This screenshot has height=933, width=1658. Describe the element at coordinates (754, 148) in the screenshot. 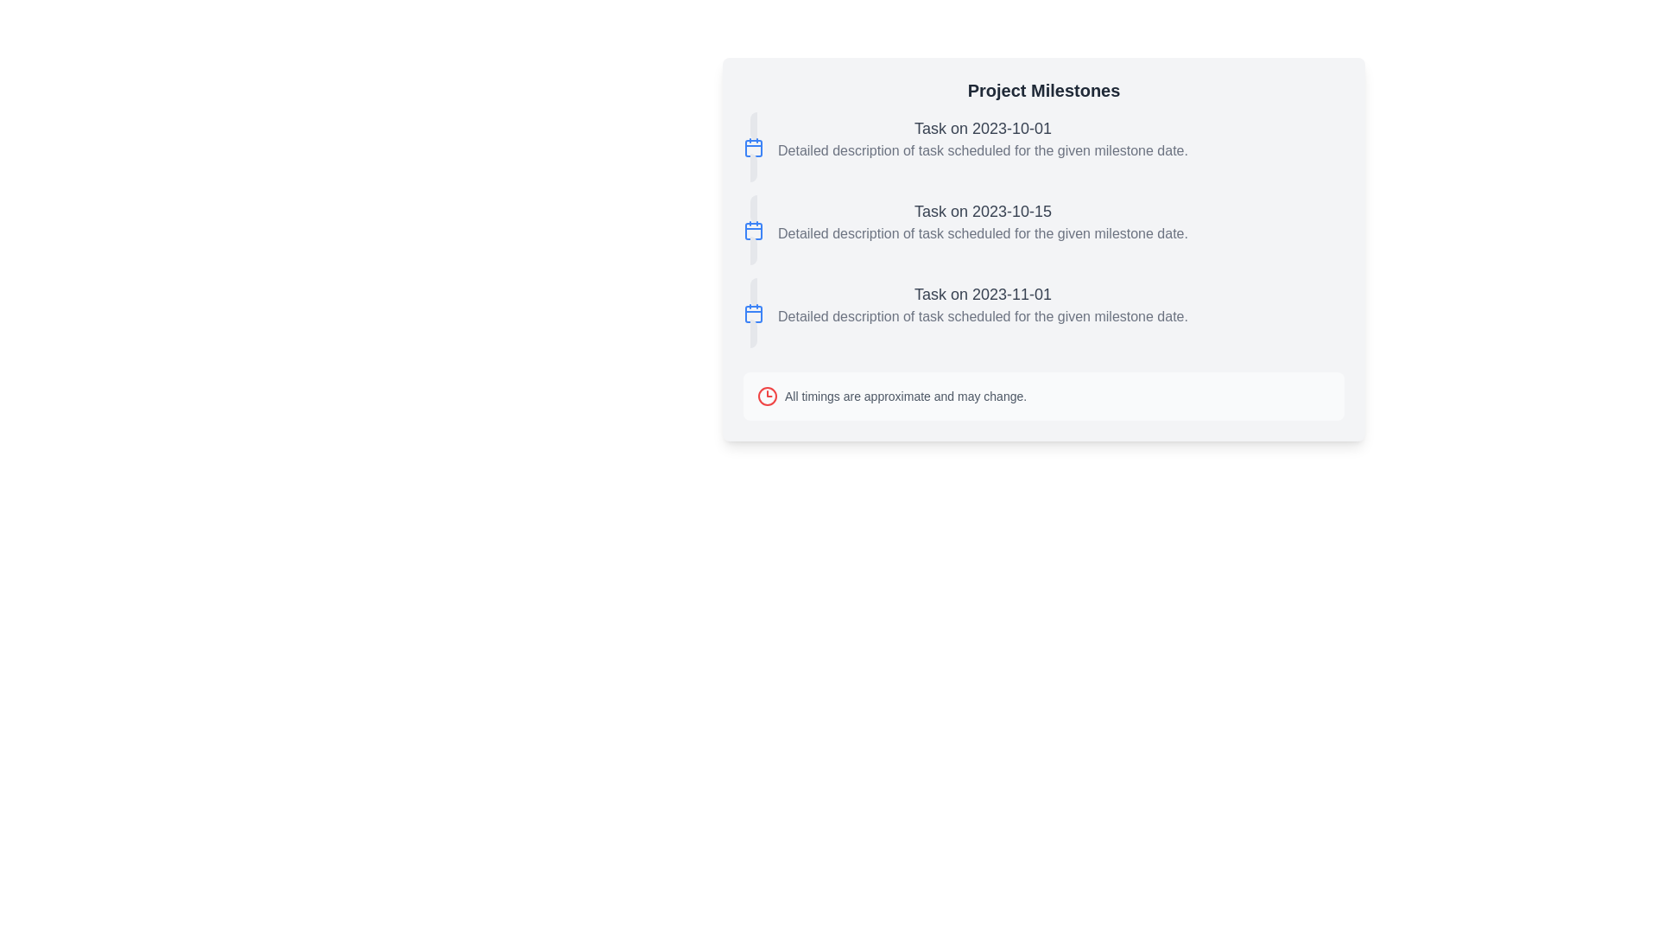

I see `the SVG rectangle icon with a red border and white background located near the text 'Task on 2023-10-01'` at that location.